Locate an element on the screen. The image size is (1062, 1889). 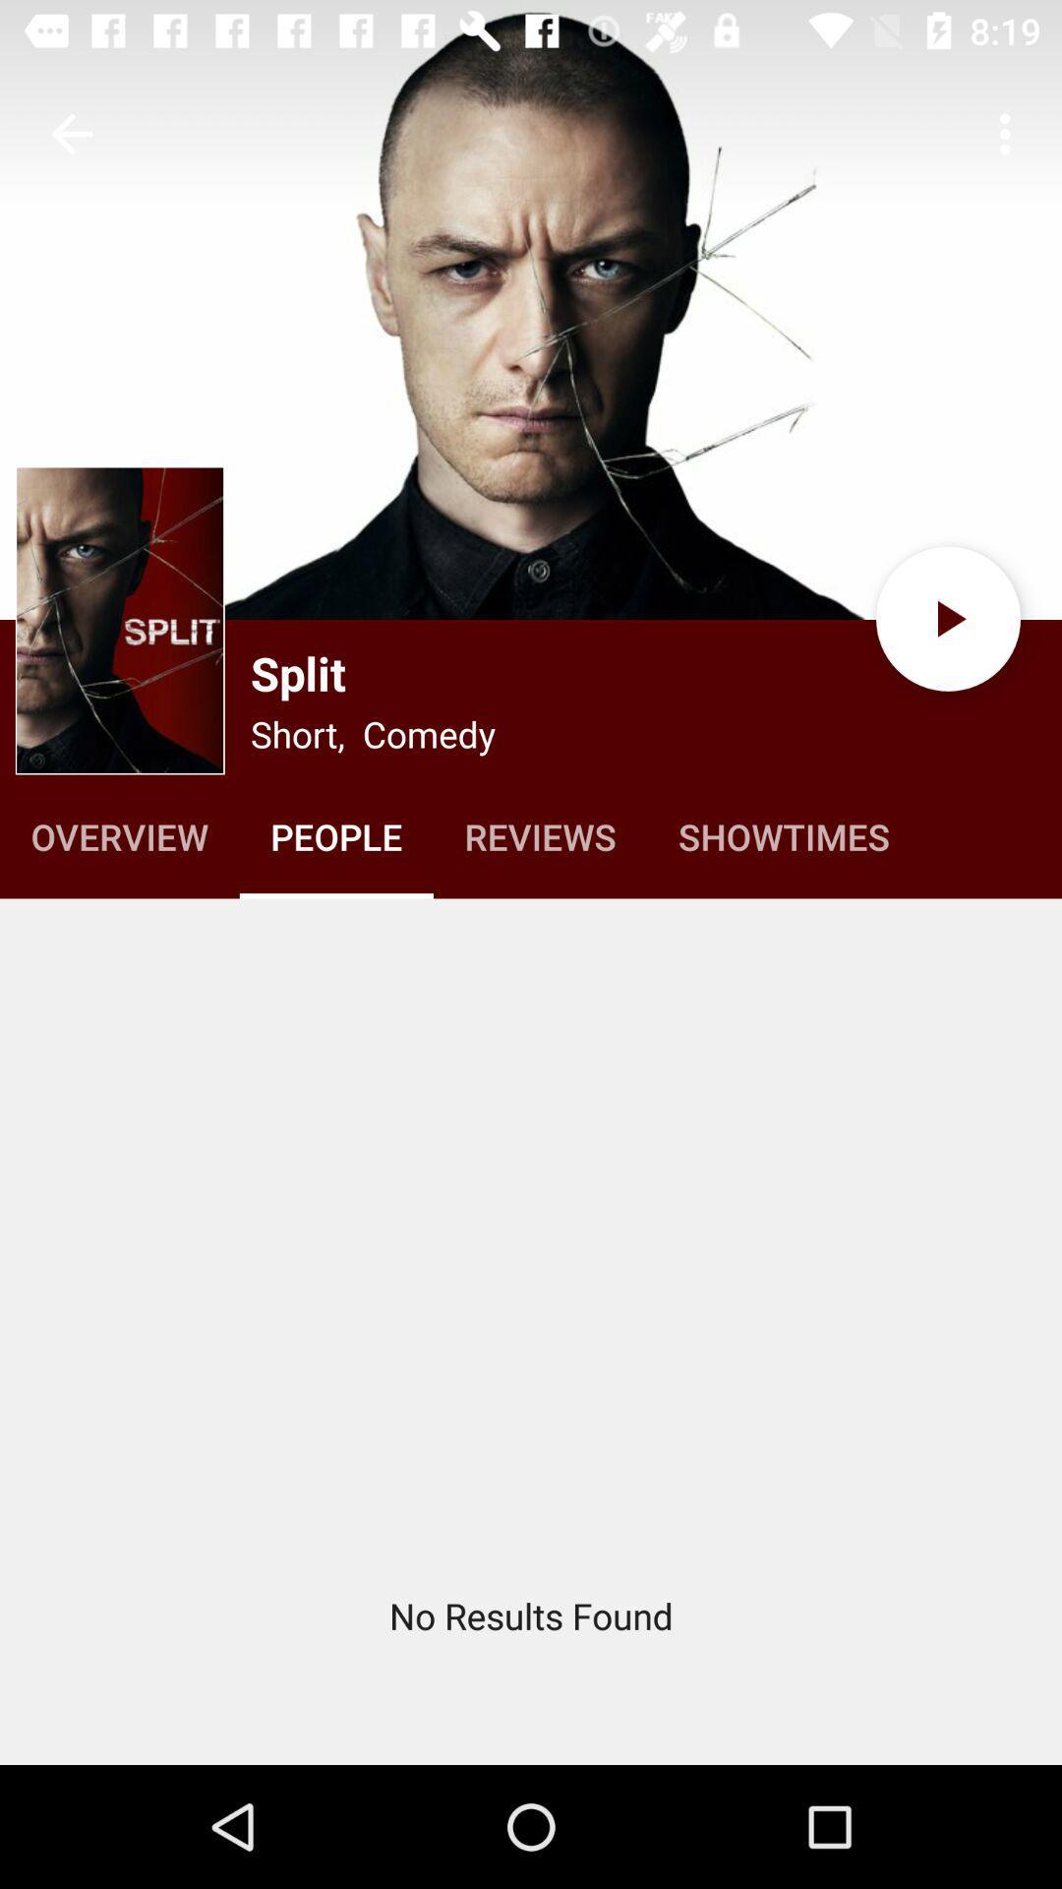
the play icon is located at coordinates (947, 618).